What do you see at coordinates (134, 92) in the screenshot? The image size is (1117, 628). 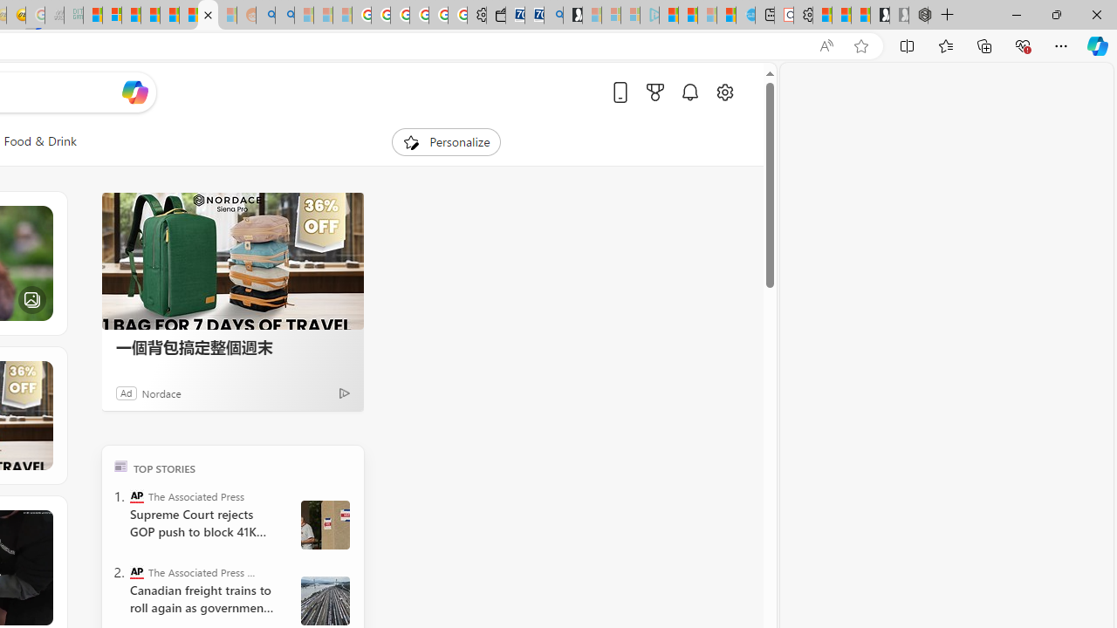 I see `'Open Copilot'` at bounding box center [134, 92].